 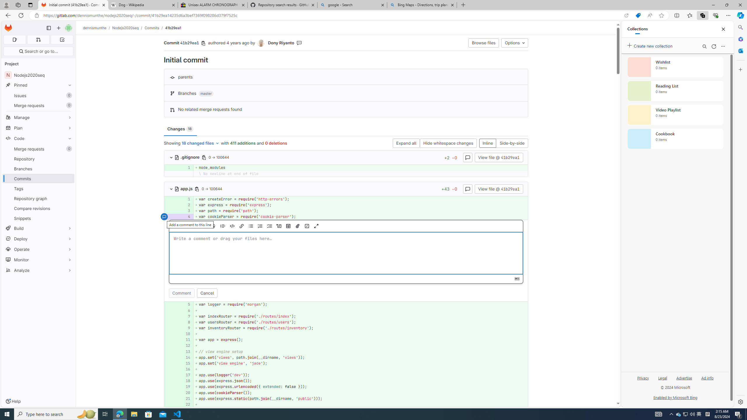 What do you see at coordinates (346, 404) in the screenshot?
I see `'AutomationID: 4a68969ef8e858229267b842dedf42ab5dde4d50_0_22'` at bounding box center [346, 404].